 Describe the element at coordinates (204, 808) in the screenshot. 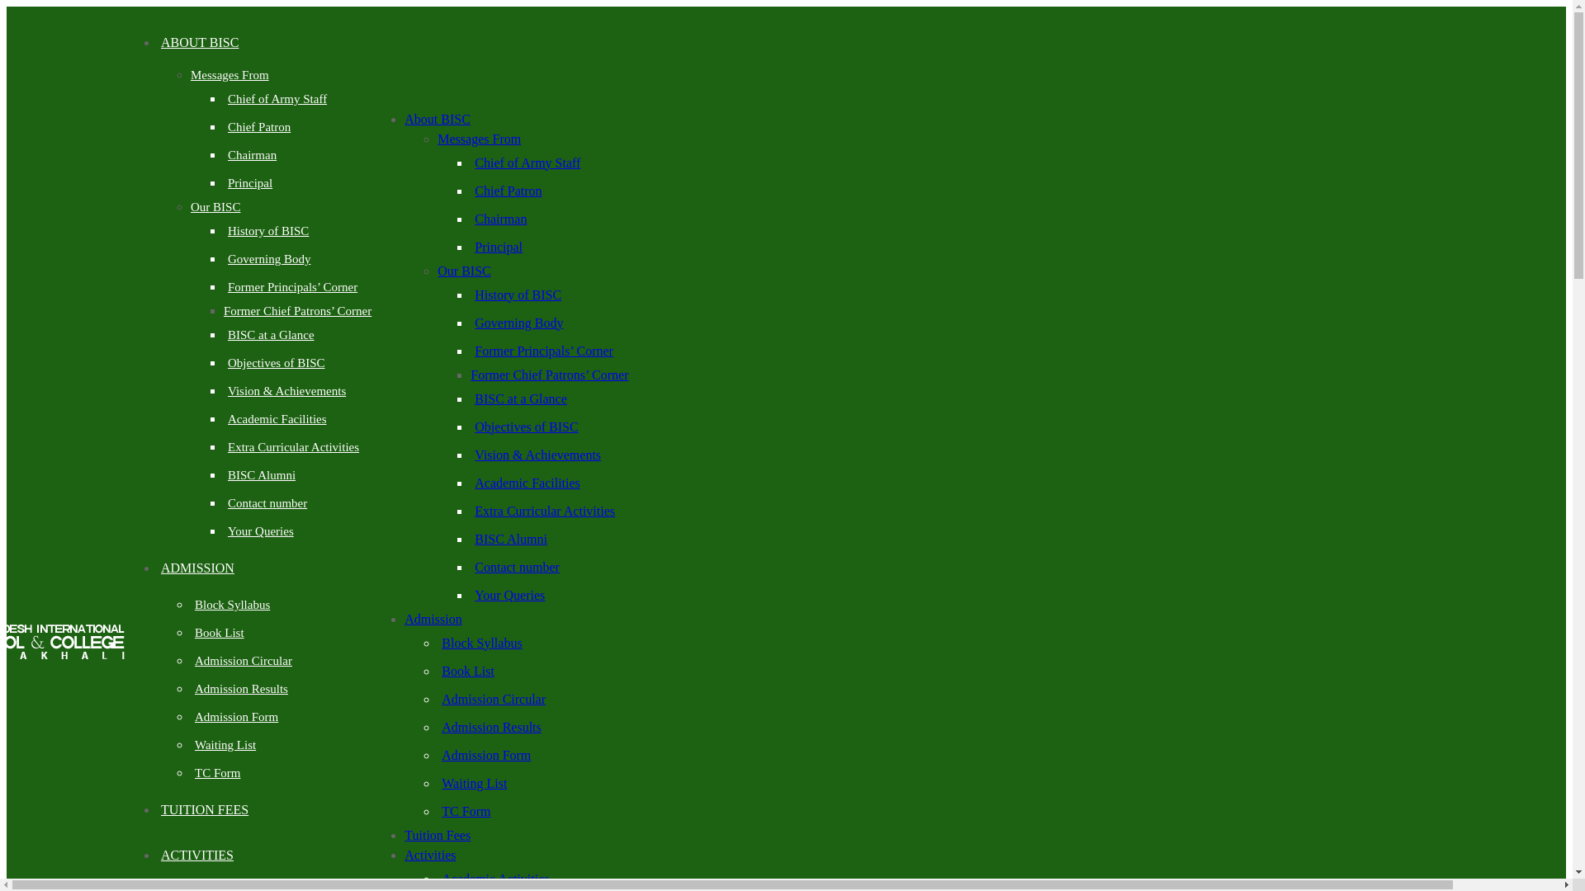

I see `'TUITION FEES'` at that location.